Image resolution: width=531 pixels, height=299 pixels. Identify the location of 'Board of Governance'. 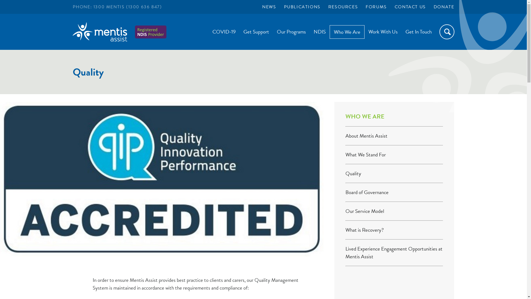
(367, 192).